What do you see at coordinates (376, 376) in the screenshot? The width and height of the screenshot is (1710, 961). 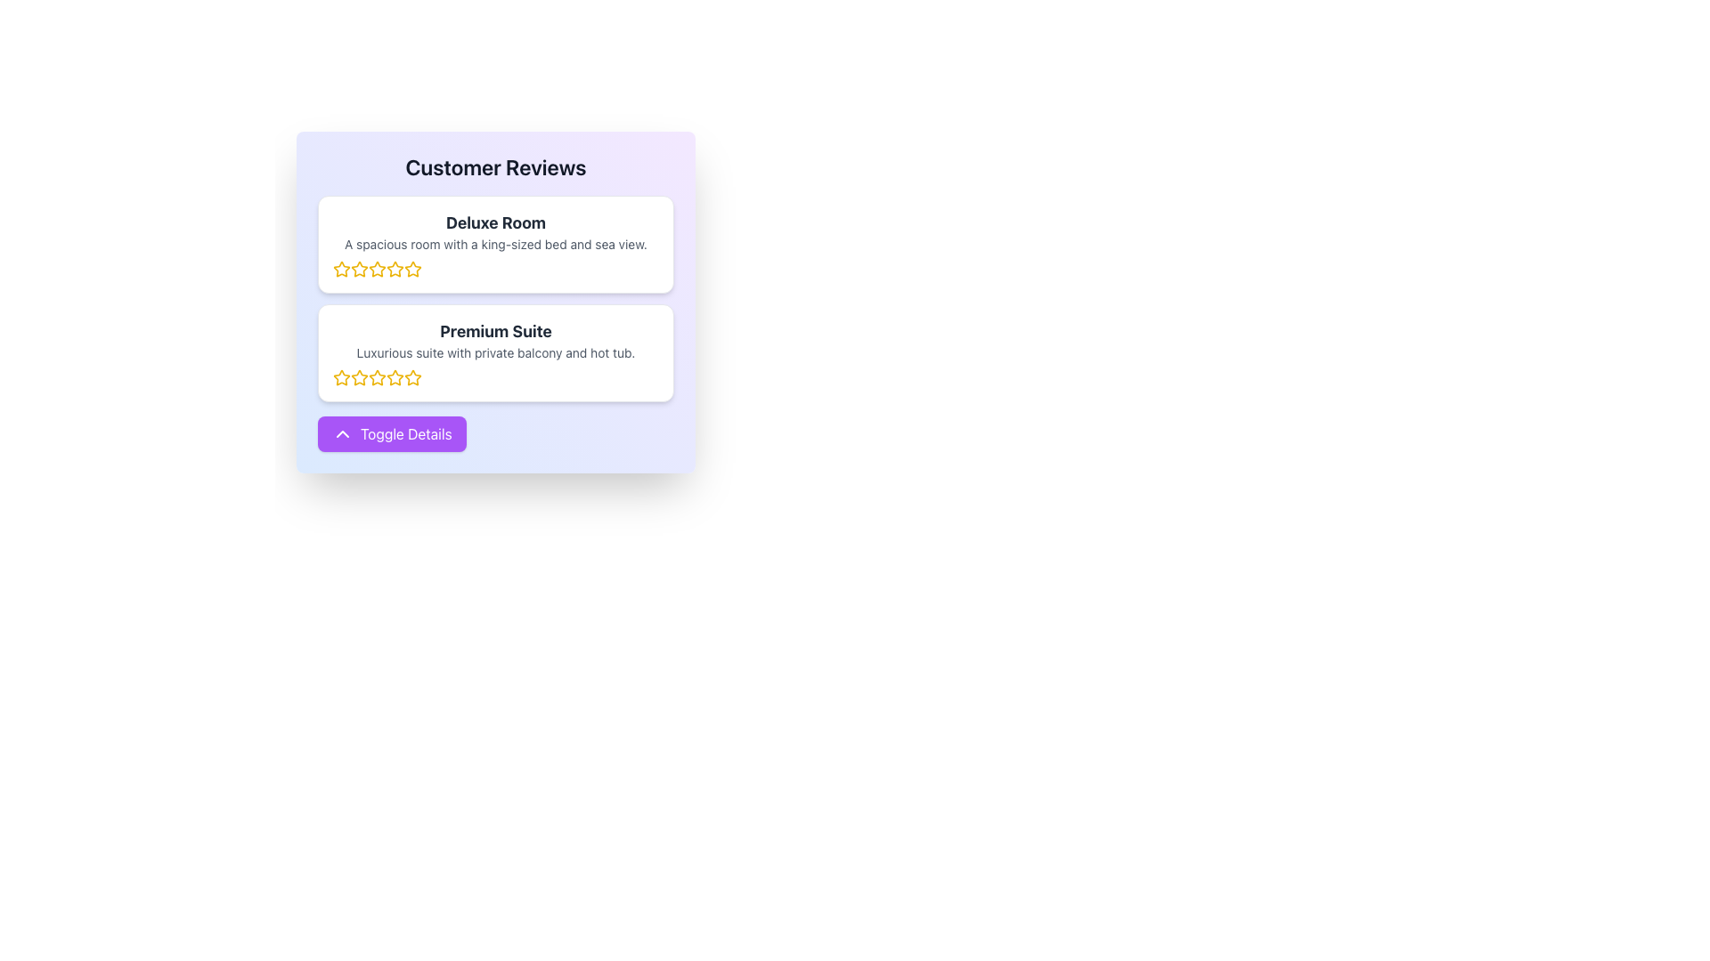 I see `the second star icon within the 5-star rating component under the 'Premium Suite' section of the 'Customer Reviews' panel` at bounding box center [376, 376].